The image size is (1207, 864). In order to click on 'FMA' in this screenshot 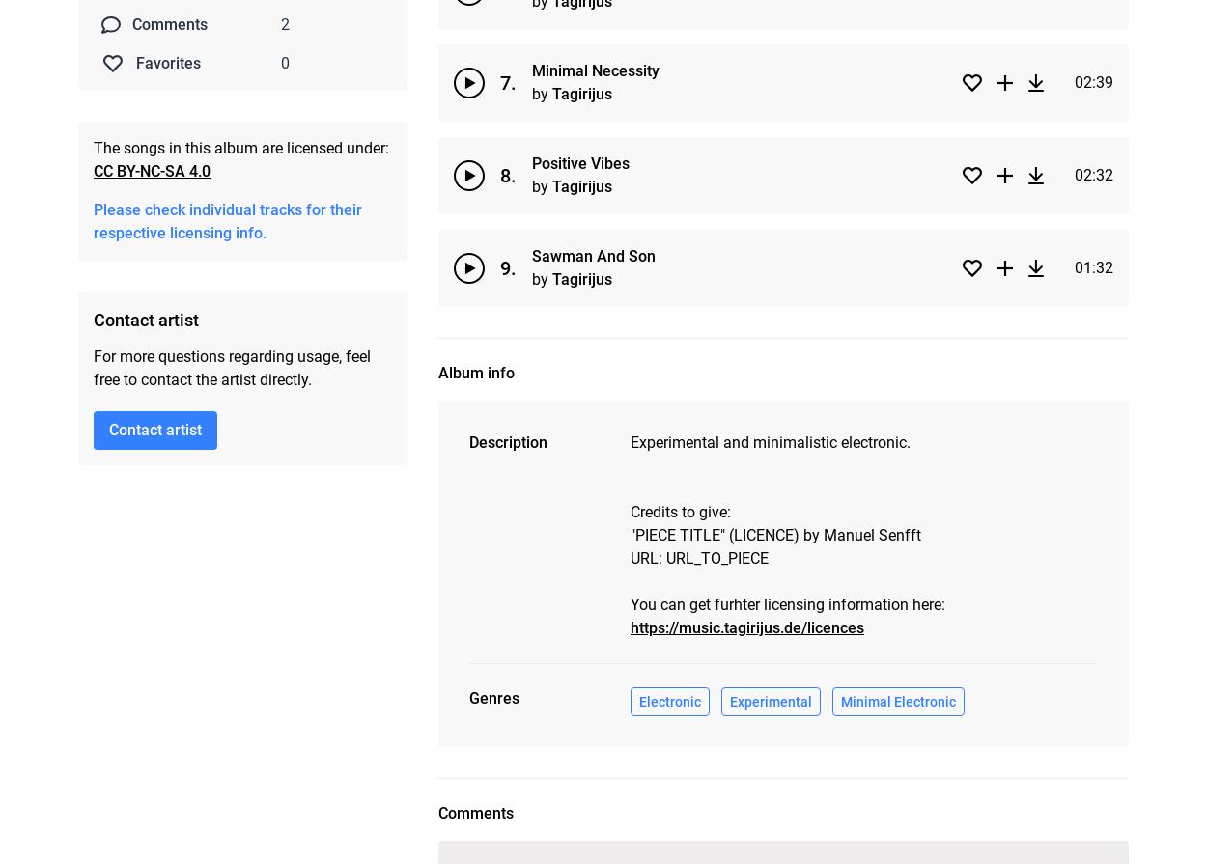, I will do `click(48, 757)`.